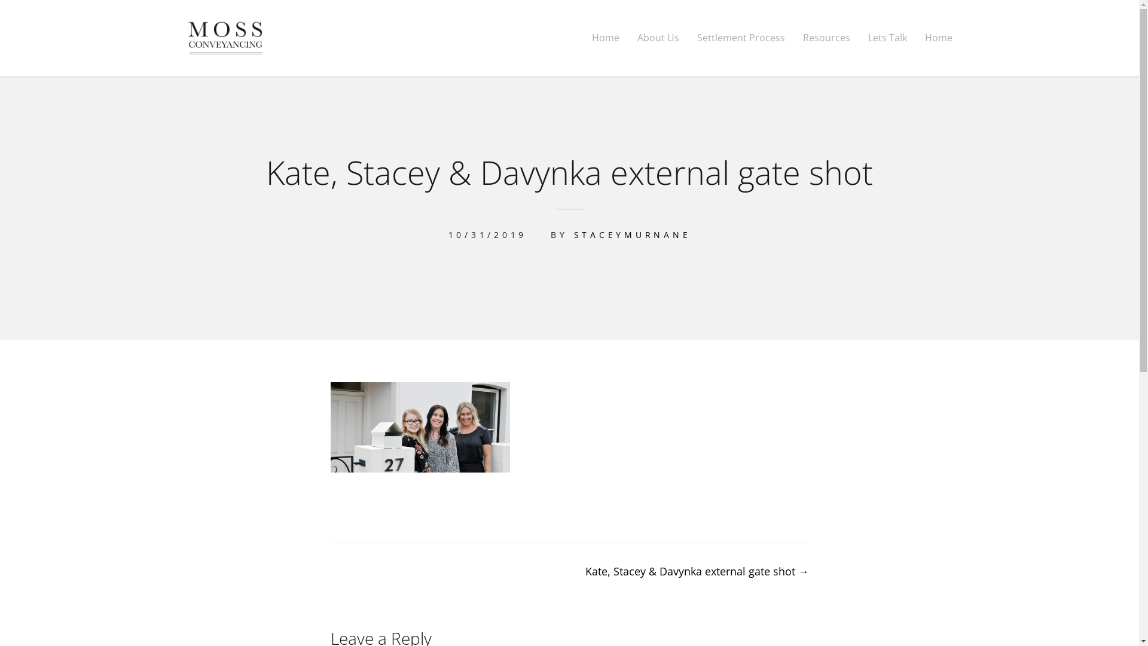  Describe the element at coordinates (868, 37) in the screenshot. I see `'Lets Talk'` at that location.